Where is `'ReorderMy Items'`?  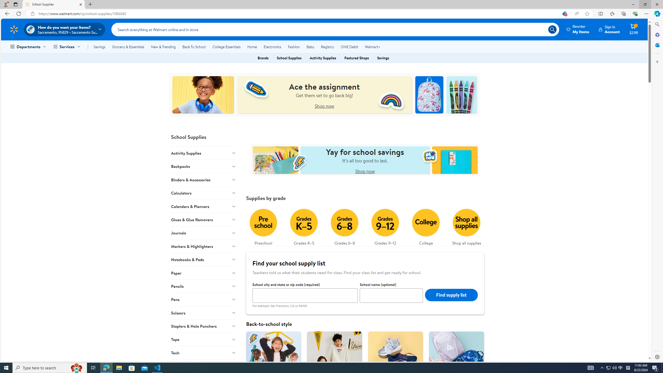 'ReorderMy Items' is located at coordinates (578, 29).